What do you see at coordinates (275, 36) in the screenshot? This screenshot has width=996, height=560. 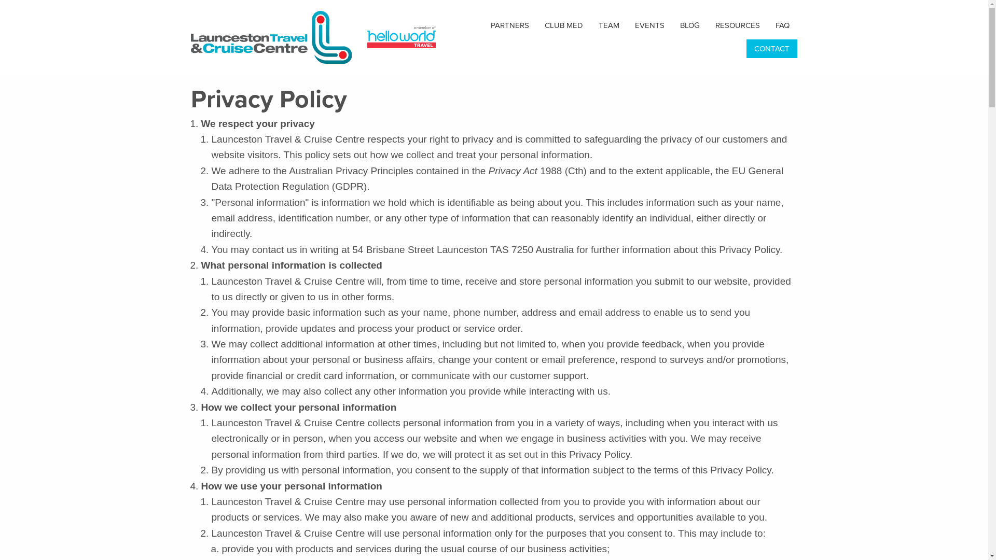 I see `'Launceston Travel & Cruise Centre - Home Page'` at bounding box center [275, 36].